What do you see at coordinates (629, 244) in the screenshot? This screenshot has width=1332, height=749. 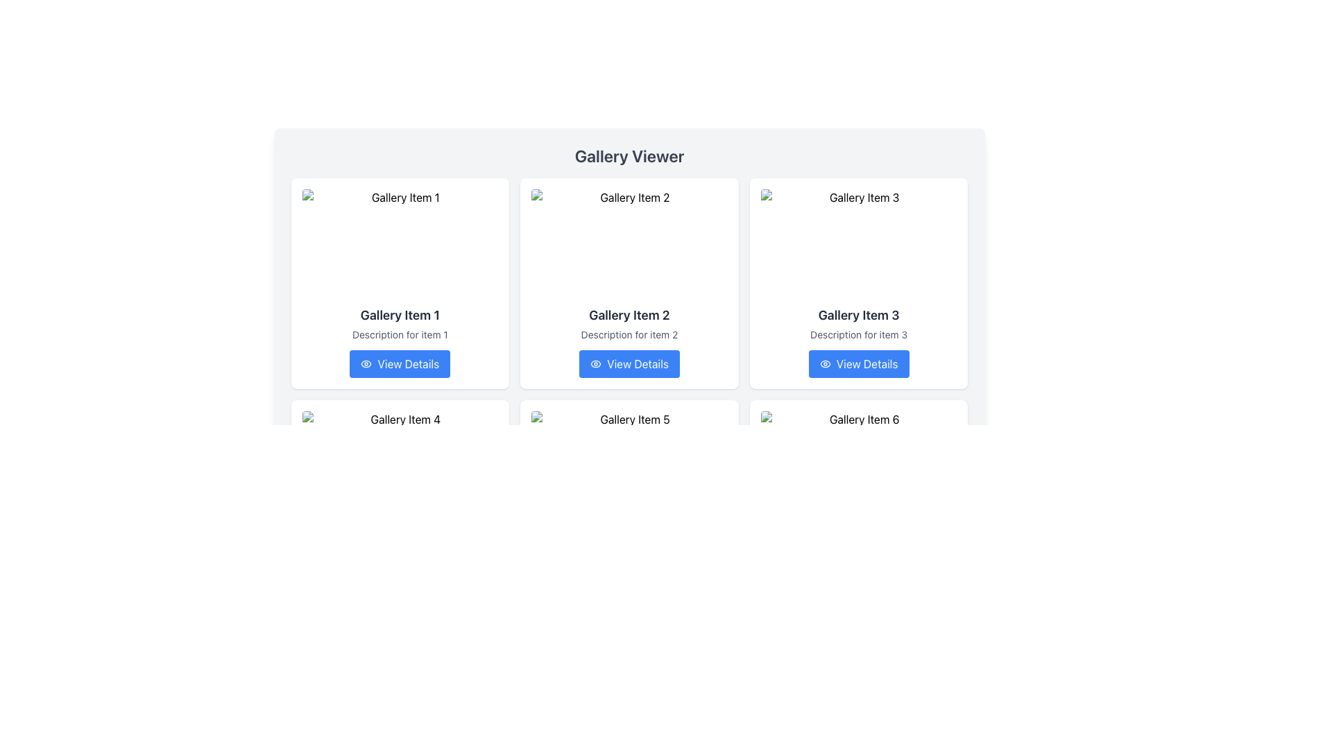 I see `'Gallery Item 2'` at bounding box center [629, 244].